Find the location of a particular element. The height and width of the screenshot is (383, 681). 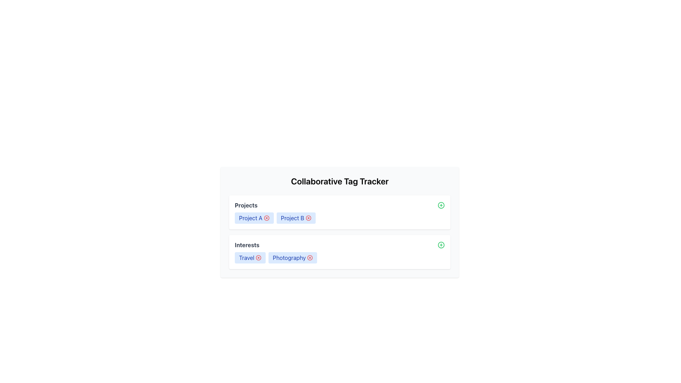

the circular cancel button within the 'Project A' pill is located at coordinates (266, 217).